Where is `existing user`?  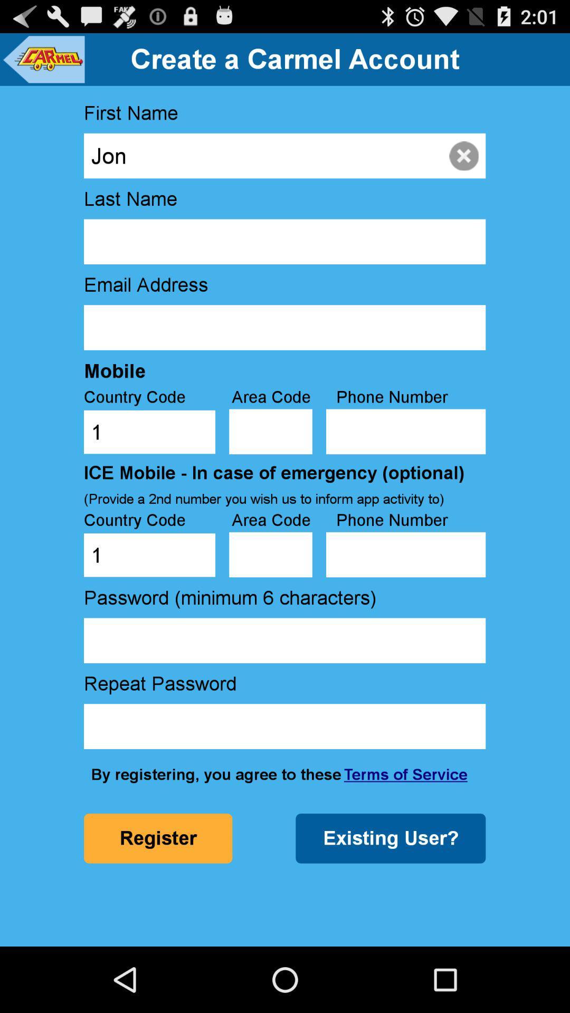
existing user is located at coordinates (391, 838).